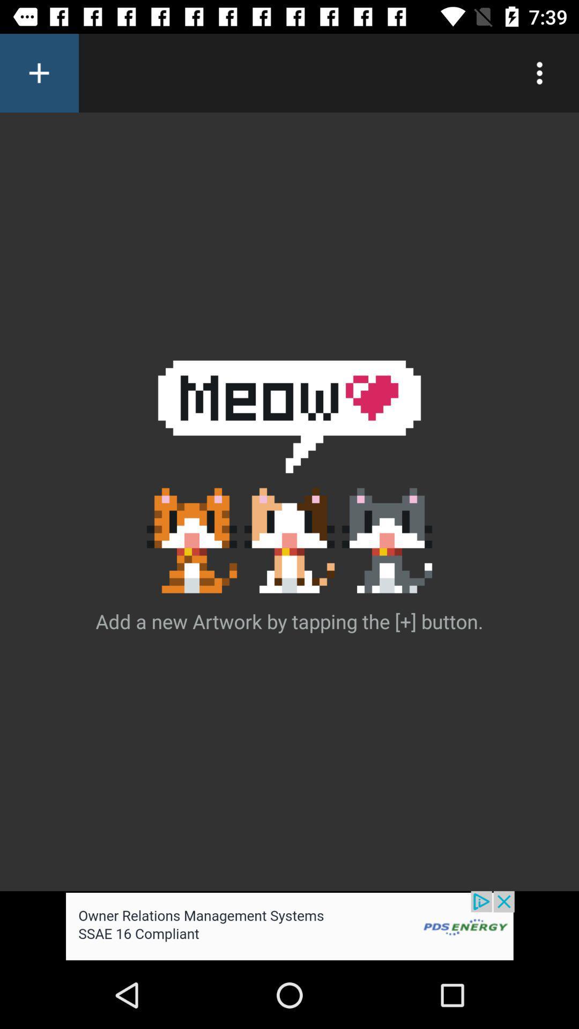  Describe the element at coordinates (289, 926) in the screenshot. I see `advert` at that location.